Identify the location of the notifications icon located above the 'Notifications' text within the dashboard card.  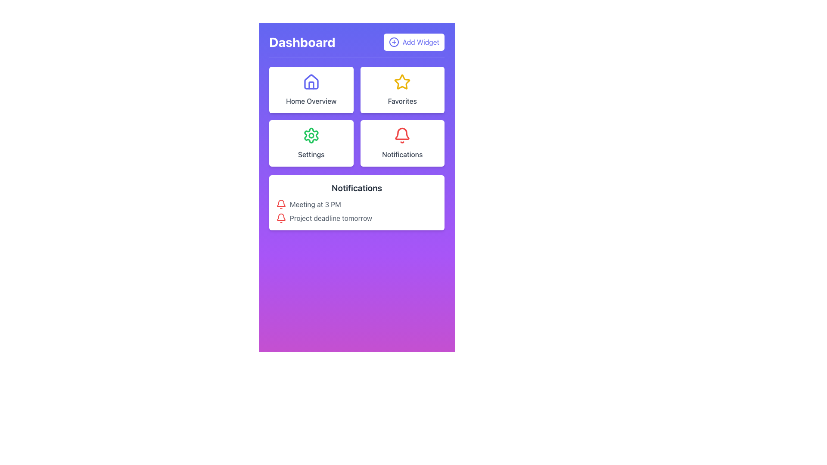
(402, 136).